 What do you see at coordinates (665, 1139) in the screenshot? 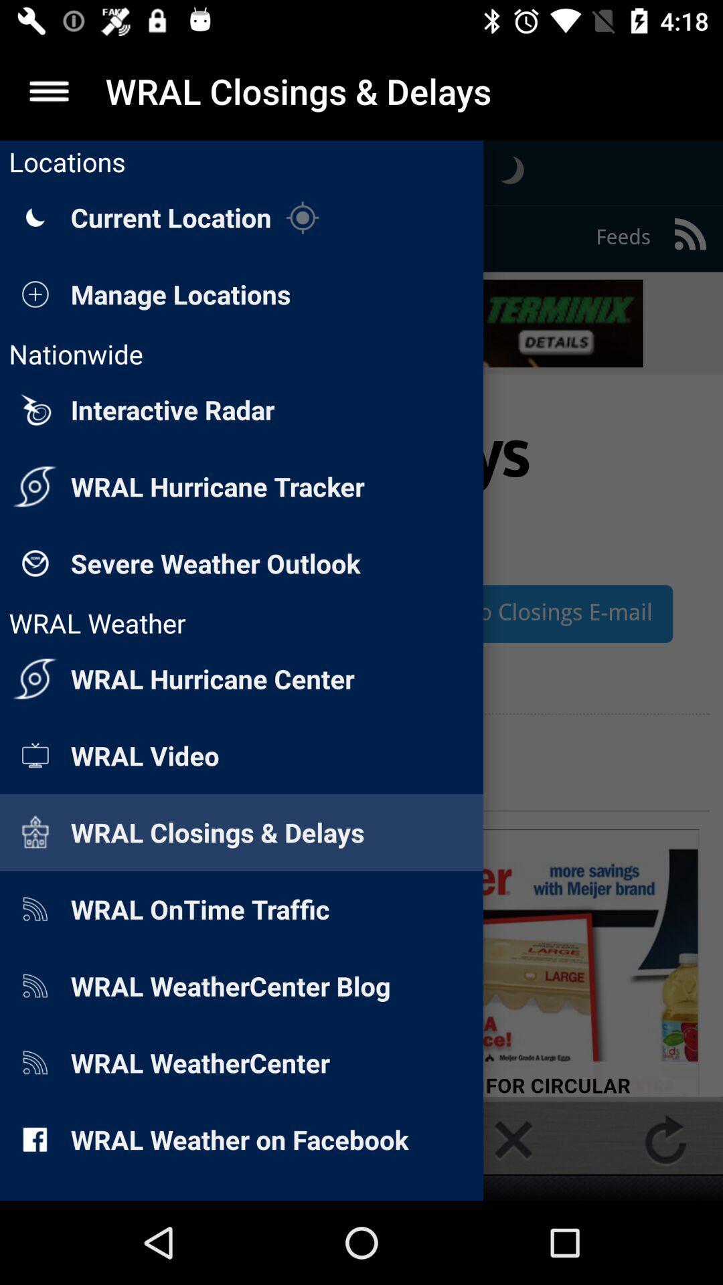
I see `the refresh icon` at bounding box center [665, 1139].